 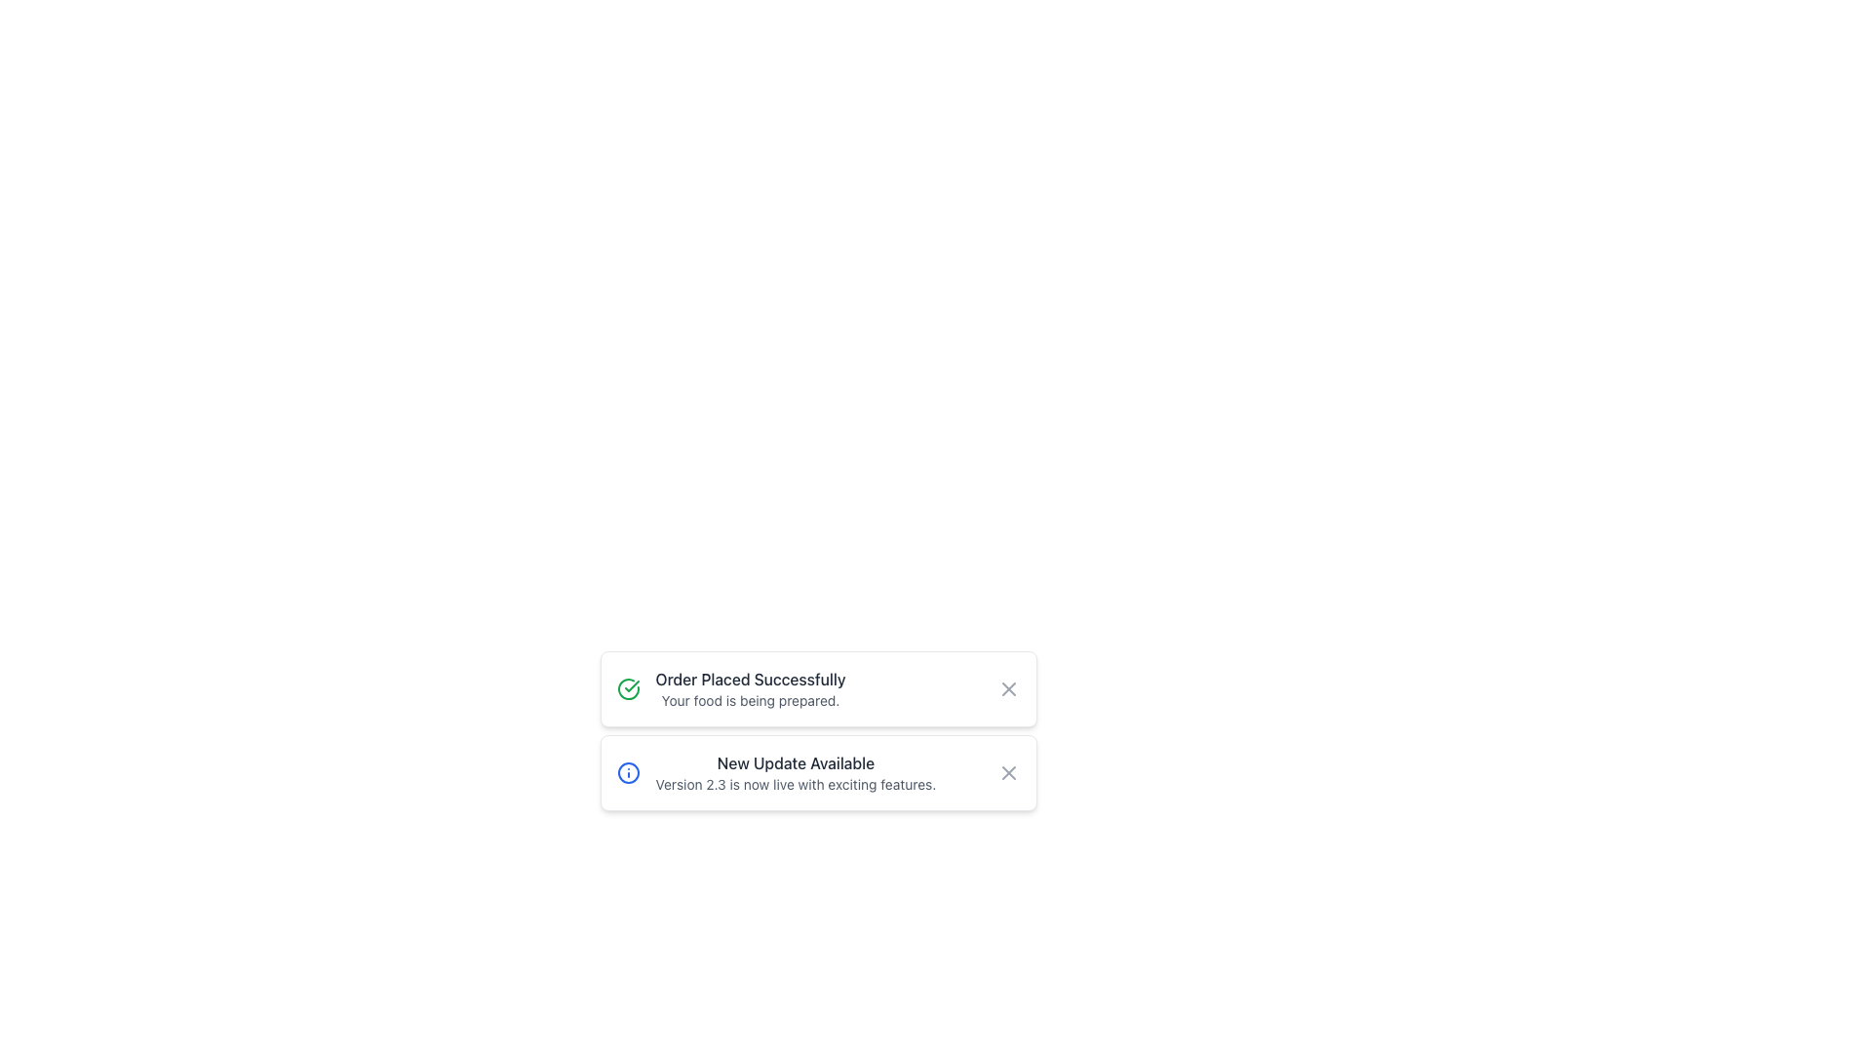 I want to click on the text element reading 'Version 2.3 is now live with exciting features.' located beneath the 'New Update Available' header in the notification card, so click(x=796, y=784).